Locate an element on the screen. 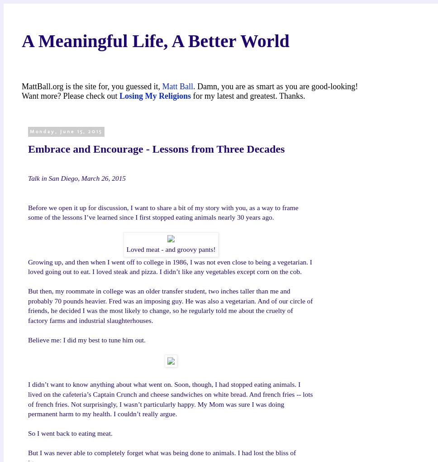  'Monday, June 15, 2015' is located at coordinates (65, 131).